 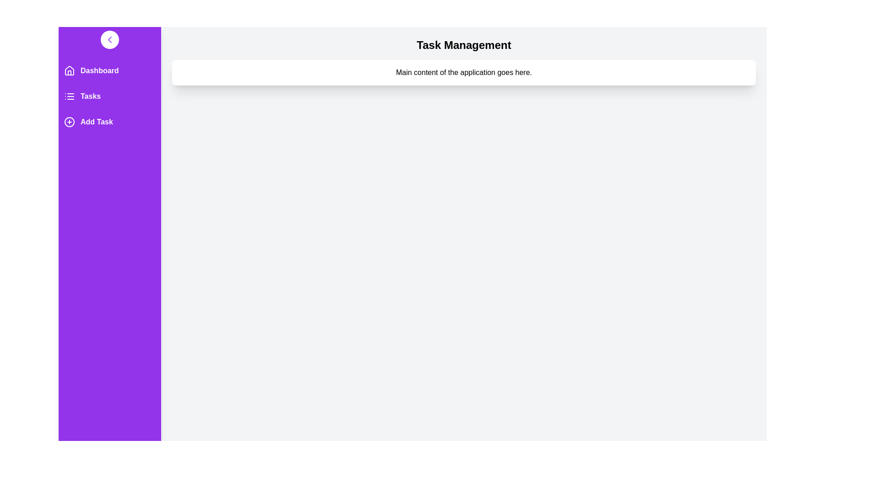 I want to click on the 'Add Task' menu item in the sidebar, so click(x=110, y=121).